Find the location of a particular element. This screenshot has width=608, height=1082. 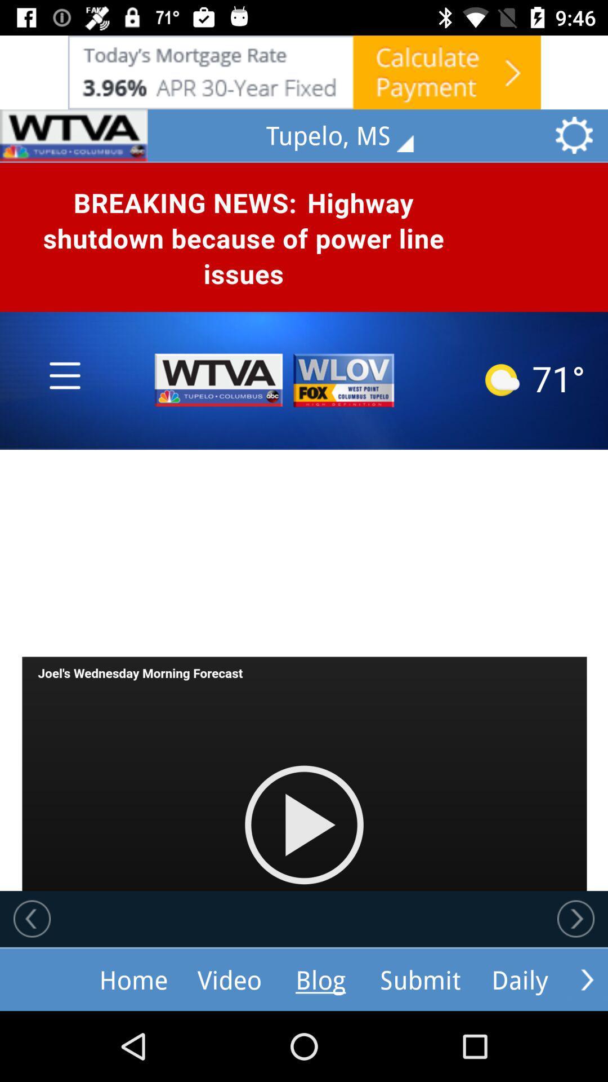

scroll right is located at coordinates (587, 979).